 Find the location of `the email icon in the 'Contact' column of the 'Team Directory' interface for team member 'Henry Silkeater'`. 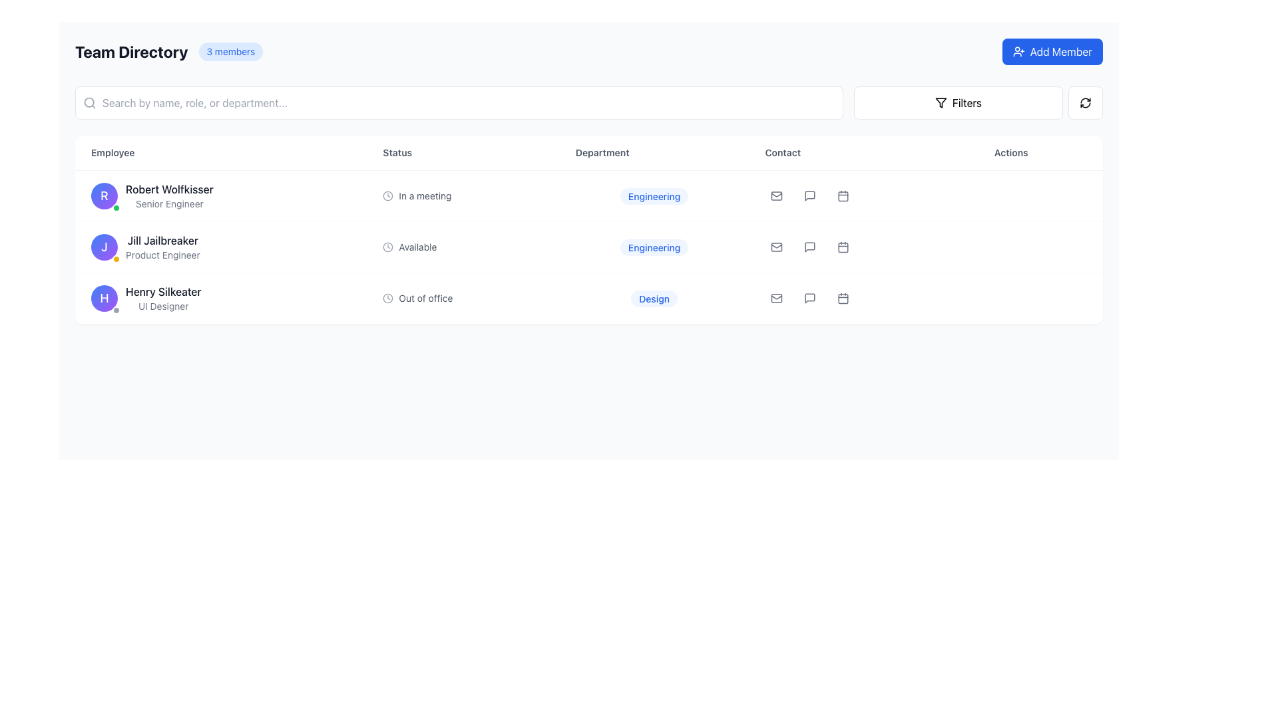

the email icon in the 'Contact' column of the 'Team Directory' interface for team member 'Henry Silkeater' is located at coordinates (776, 297).